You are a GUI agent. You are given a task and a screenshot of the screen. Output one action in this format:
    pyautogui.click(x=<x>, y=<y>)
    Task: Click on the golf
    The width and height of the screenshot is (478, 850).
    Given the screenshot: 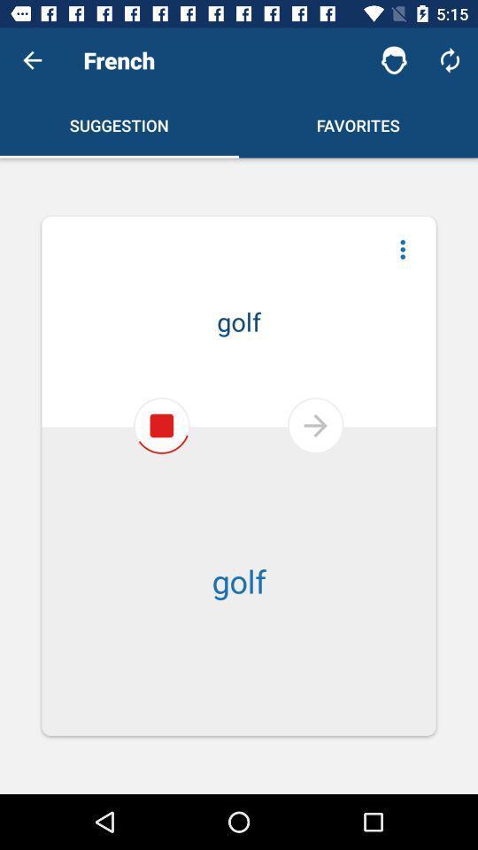 What is the action you would take?
    pyautogui.click(x=239, y=552)
    